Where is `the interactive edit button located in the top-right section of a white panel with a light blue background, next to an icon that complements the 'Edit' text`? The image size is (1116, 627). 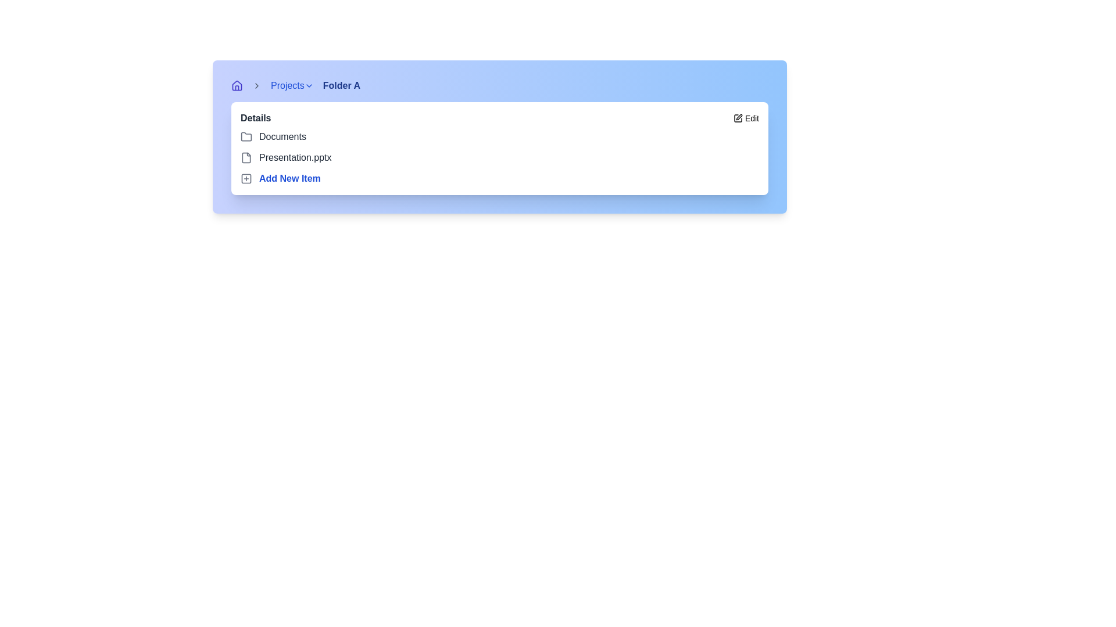
the interactive edit button located in the top-right section of a white panel with a light blue background, next to an icon that complements the 'Edit' text is located at coordinates (752, 118).